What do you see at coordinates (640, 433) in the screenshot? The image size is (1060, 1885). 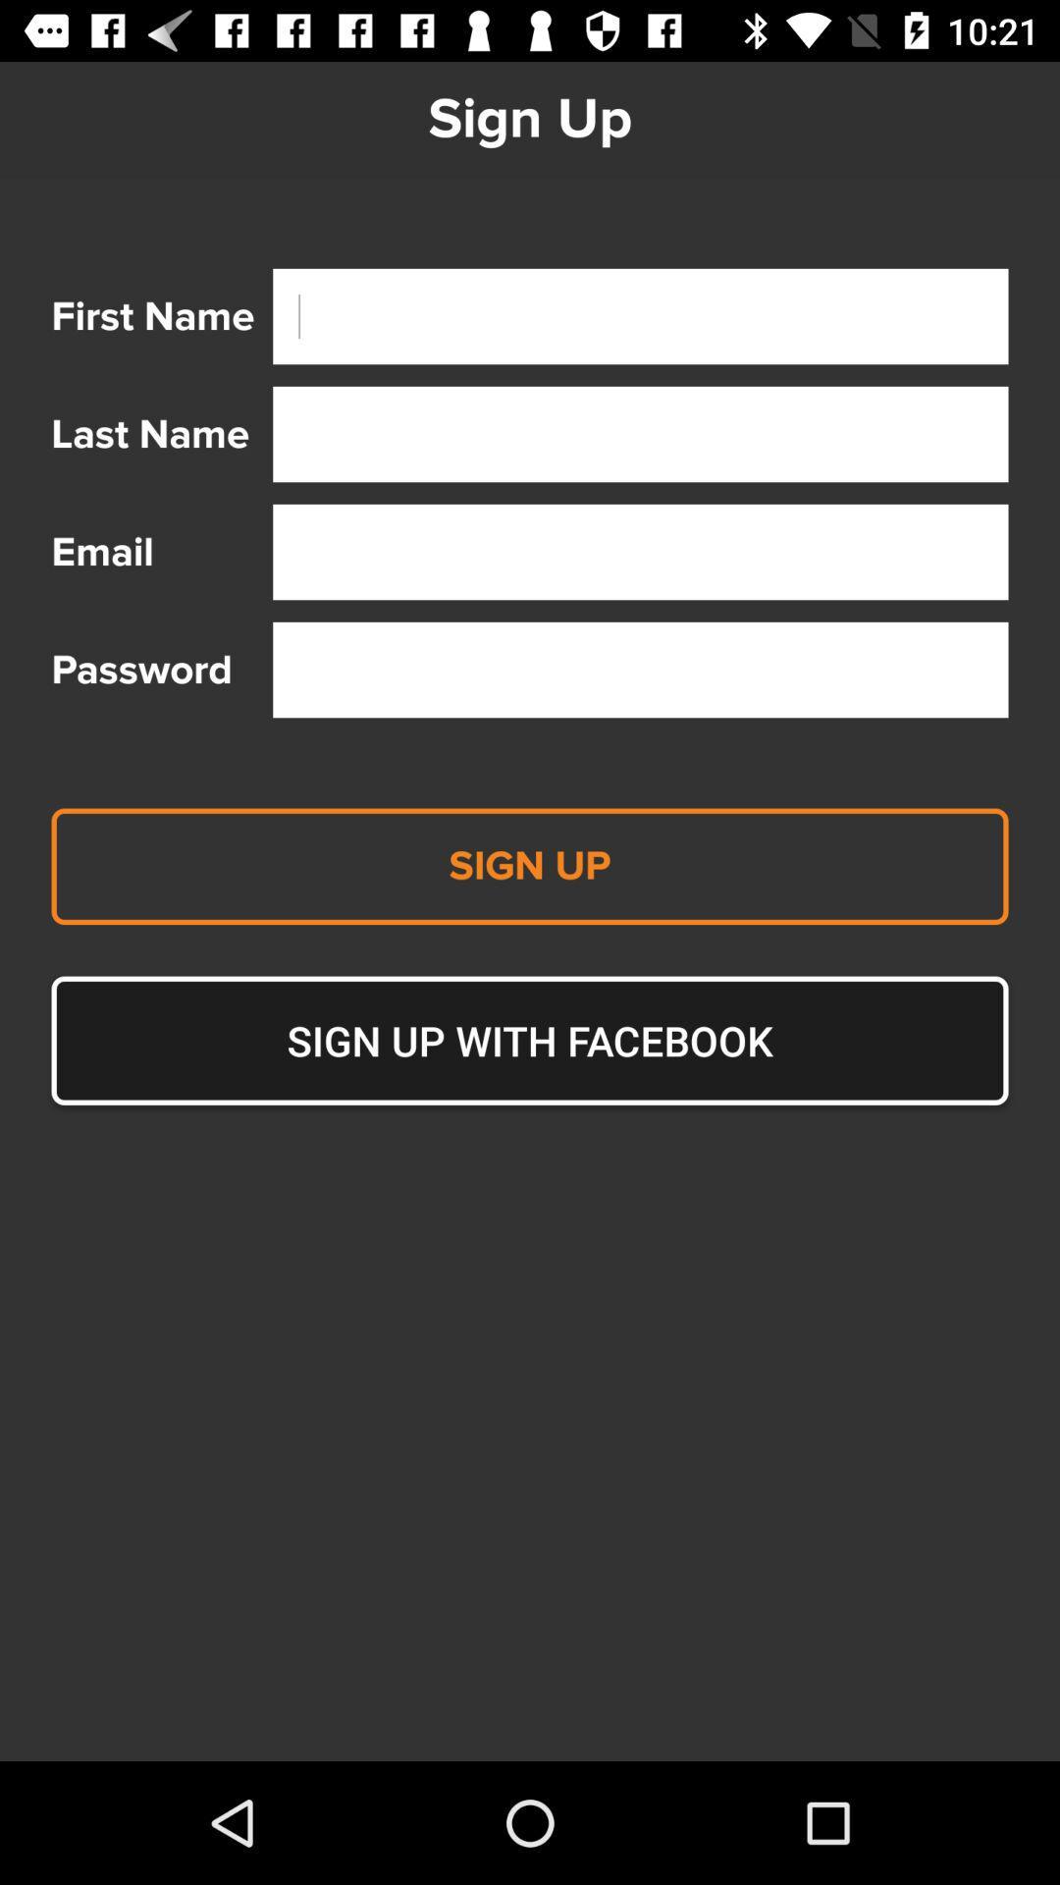 I see `where to put last name` at bounding box center [640, 433].